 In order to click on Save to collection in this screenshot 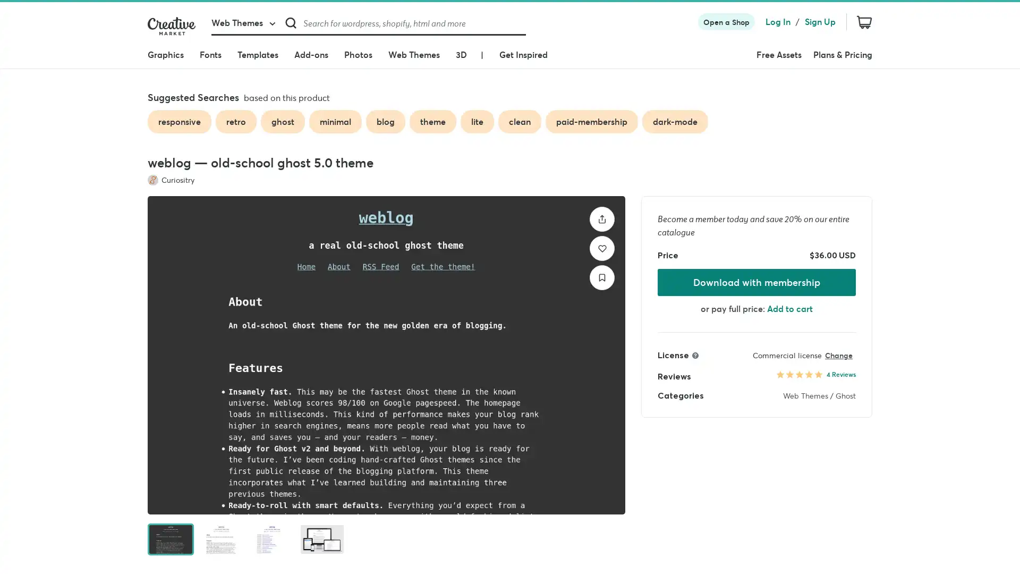, I will do `click(602, 276)`.